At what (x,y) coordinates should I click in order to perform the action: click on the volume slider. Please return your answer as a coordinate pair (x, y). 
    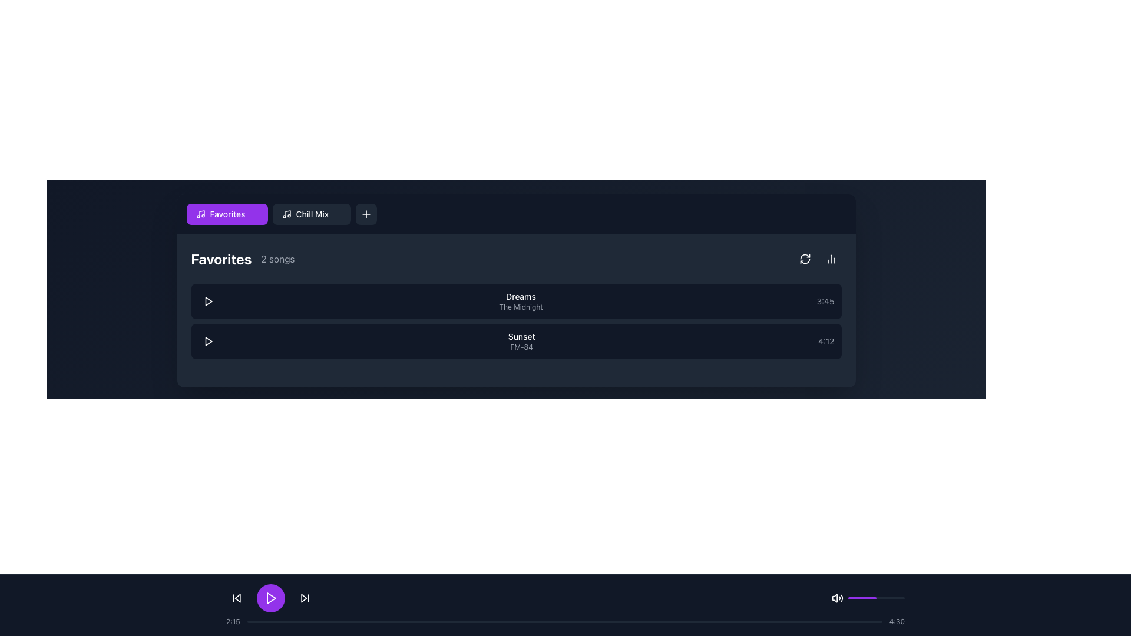
    Looking at the image, I should click on (861, 598).